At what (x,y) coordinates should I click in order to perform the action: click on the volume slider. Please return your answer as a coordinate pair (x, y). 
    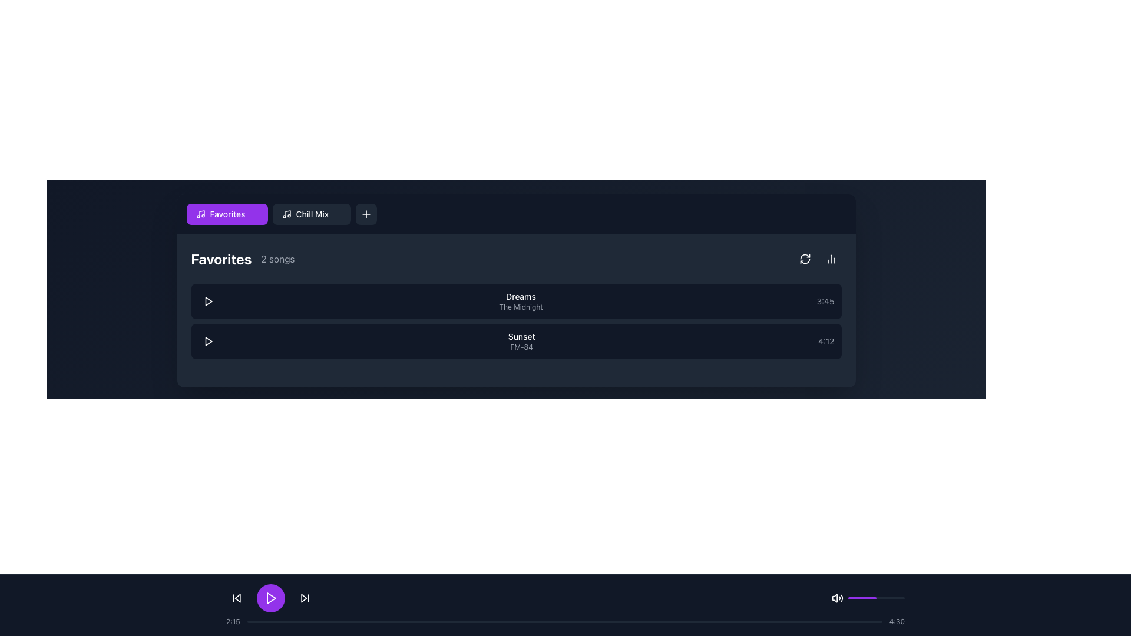
    Looking at the image, I should click on (861, 598).